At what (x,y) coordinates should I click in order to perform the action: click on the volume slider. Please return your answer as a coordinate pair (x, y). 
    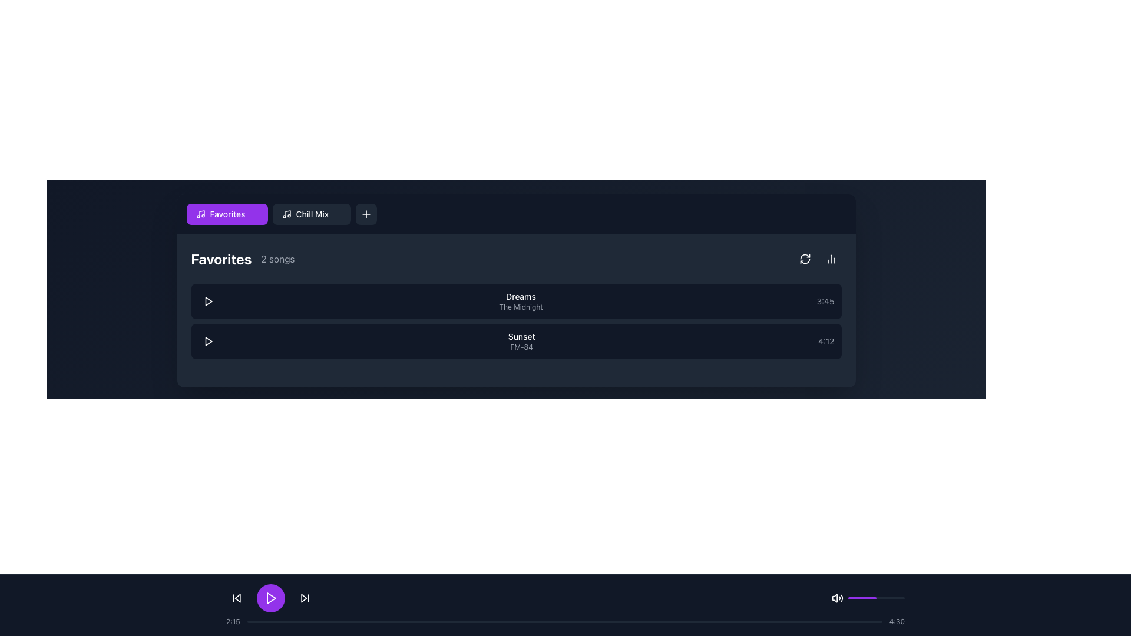
    Looking at the image, I should click on (861, 598).